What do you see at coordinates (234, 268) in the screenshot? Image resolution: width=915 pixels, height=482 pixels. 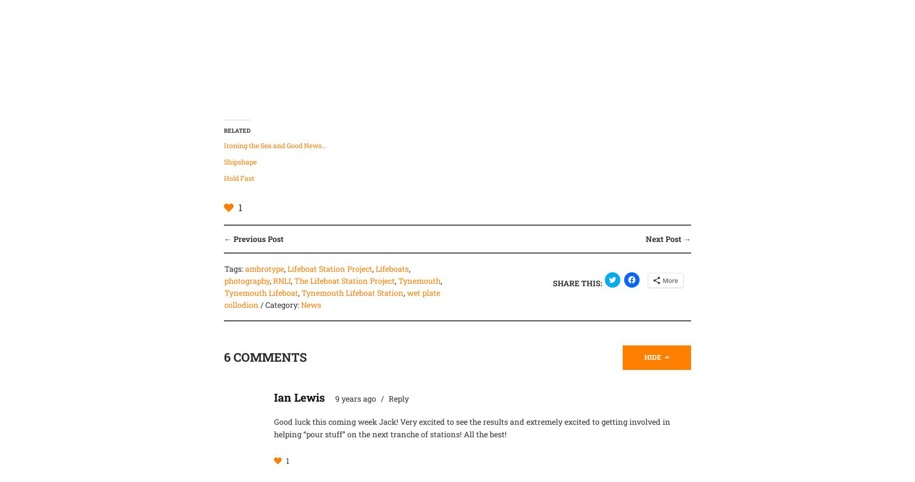 I see `'Tags:'` at bounding box center [234, 268].